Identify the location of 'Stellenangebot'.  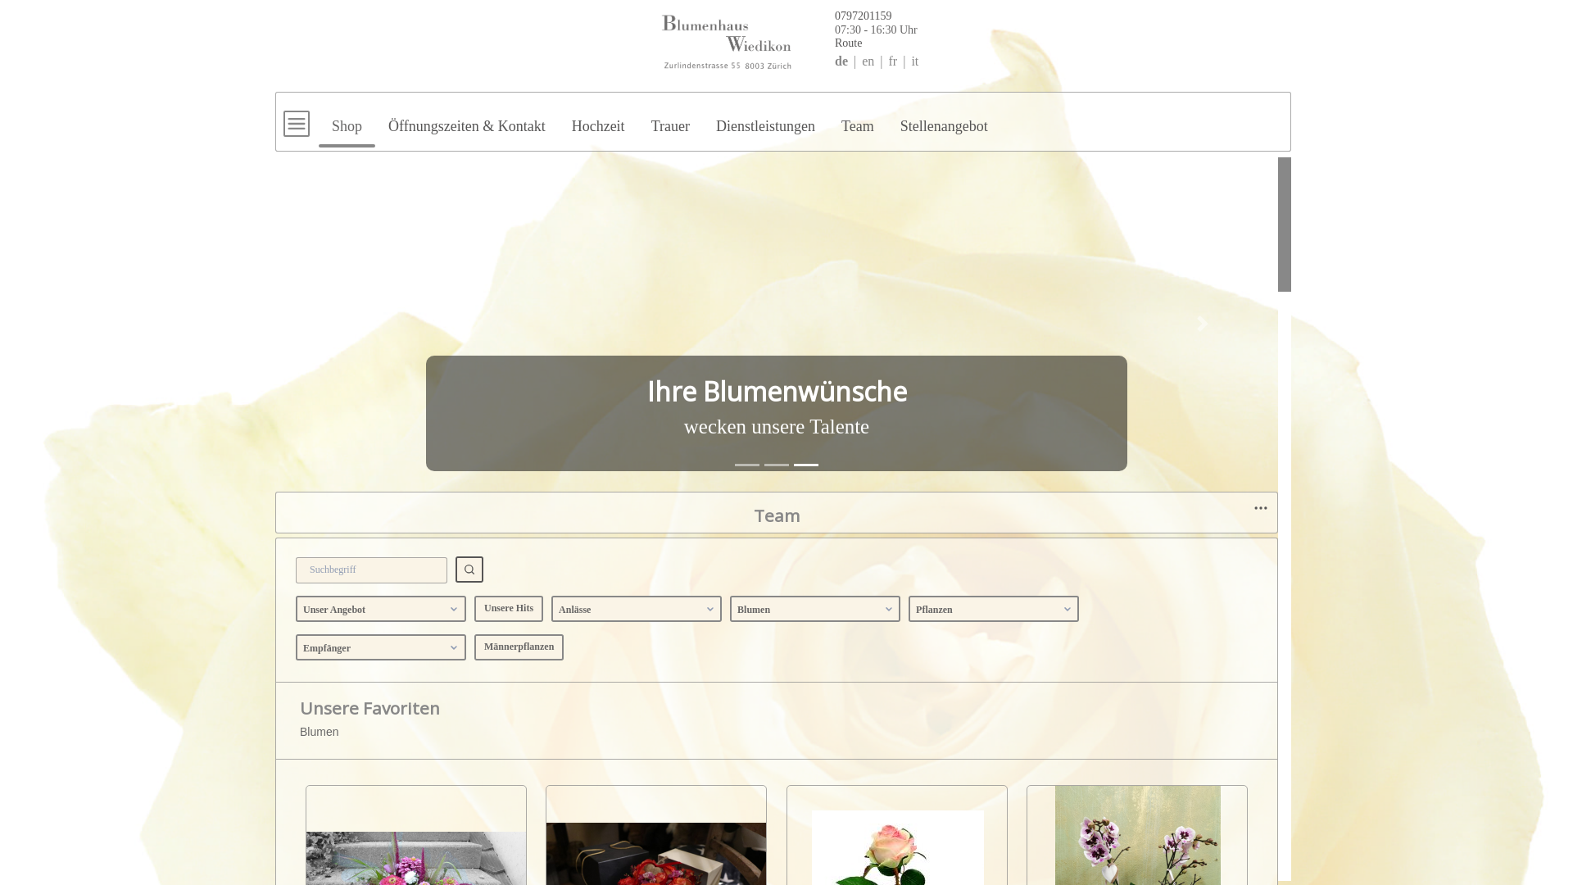
(944, 118).